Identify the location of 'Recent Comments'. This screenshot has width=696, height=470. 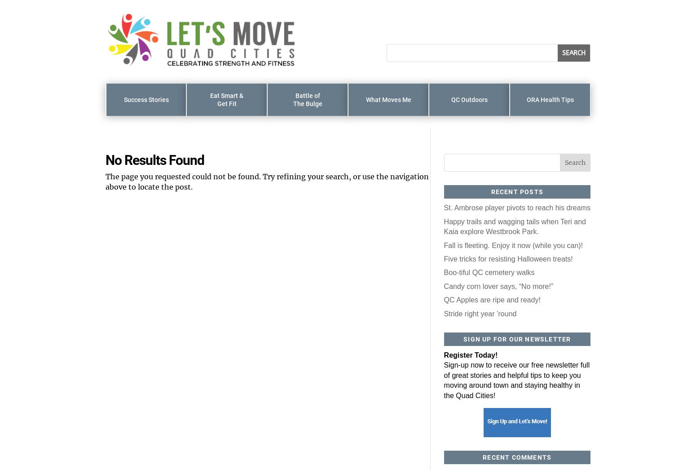
(516, 457).